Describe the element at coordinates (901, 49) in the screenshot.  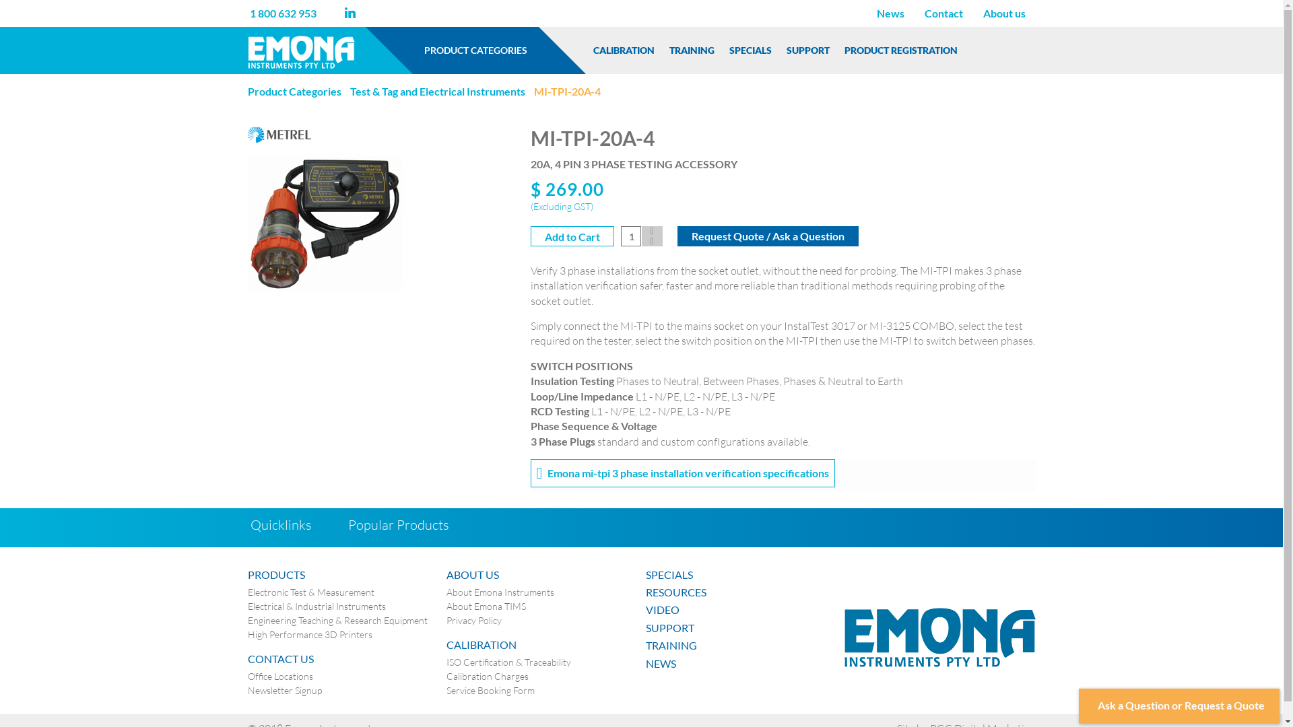
I see `'PRODUCT REGISTRATION'` at that location.